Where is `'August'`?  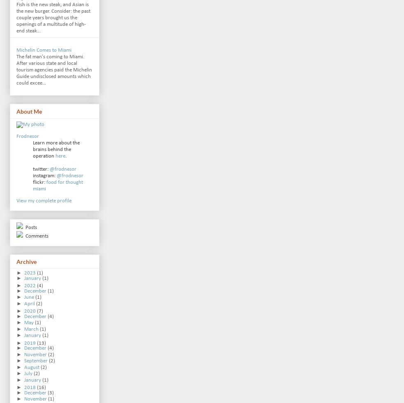
'August' is located at coordinates (31, 367).